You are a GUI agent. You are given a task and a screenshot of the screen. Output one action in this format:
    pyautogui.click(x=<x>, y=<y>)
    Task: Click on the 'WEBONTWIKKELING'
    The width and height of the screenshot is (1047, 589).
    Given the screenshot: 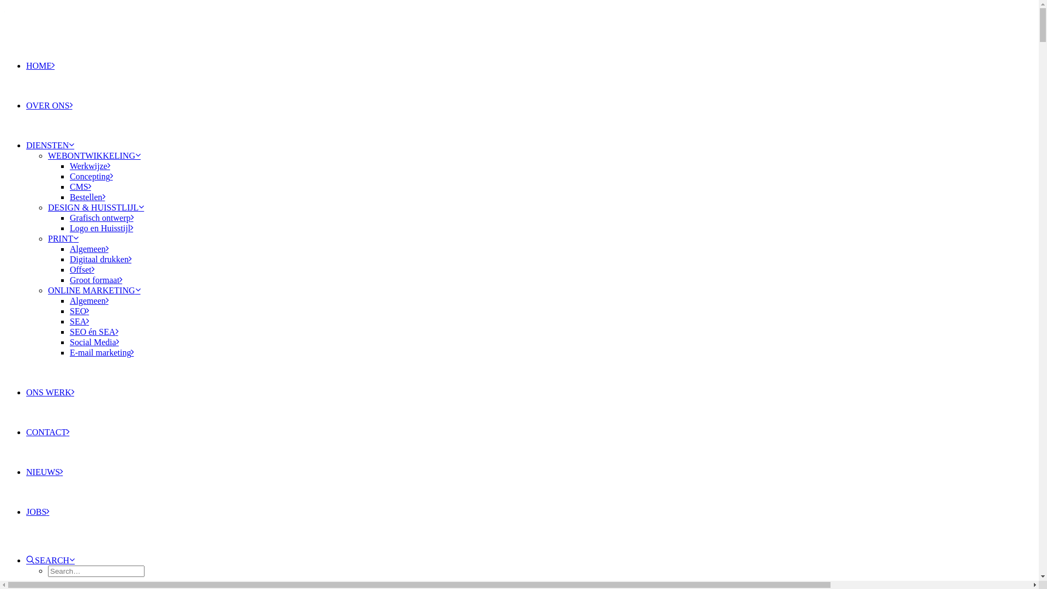 What is the action you would take?
    pyautogui.click(x=94, y=155)
    